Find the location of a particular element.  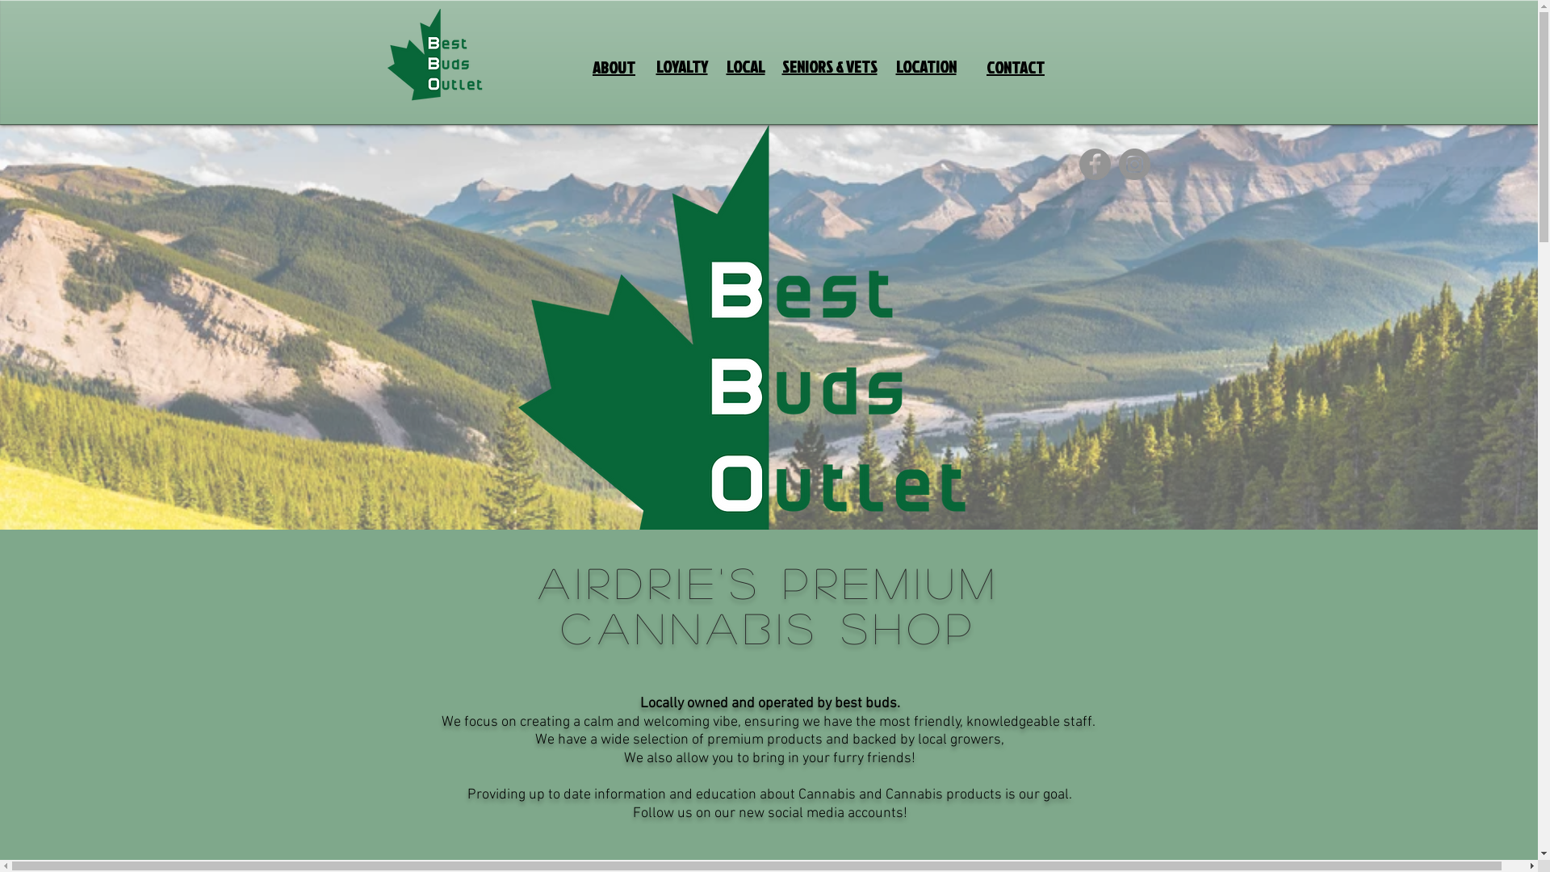

'LOYALTY' is located at coordinates (681, 66).